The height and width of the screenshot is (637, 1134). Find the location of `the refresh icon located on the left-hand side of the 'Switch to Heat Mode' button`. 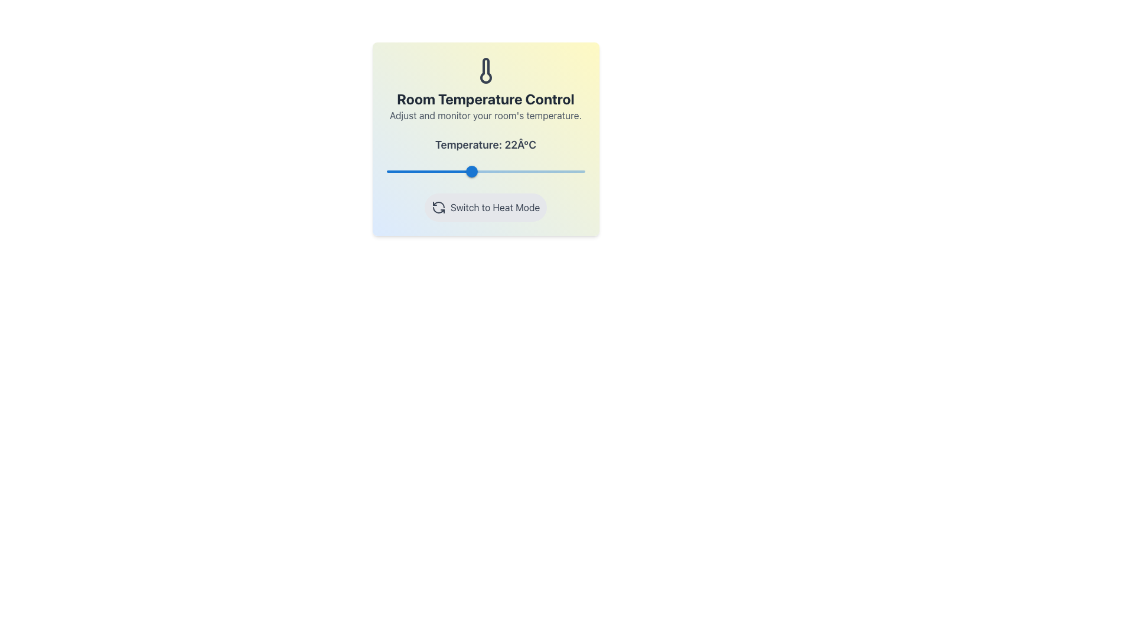

the refresh icon located on the left-hand side of the 'Switch to Heat Mode' button is located at coordinates (438, 206).